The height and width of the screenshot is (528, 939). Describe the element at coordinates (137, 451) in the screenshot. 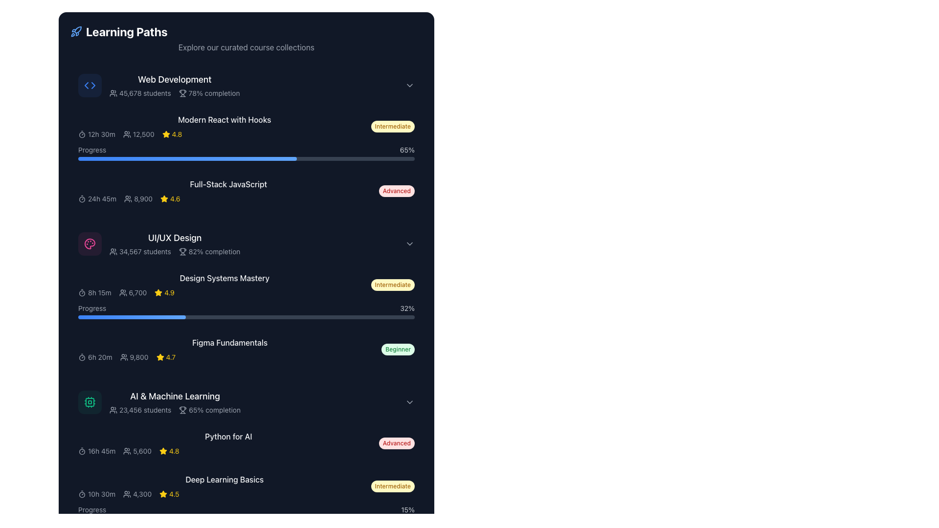

I see `the Text with icon that indicates the approximate number of participants or students in the associated course, located after the time display '16h 45m' and before the rating '4.8'` at that location.